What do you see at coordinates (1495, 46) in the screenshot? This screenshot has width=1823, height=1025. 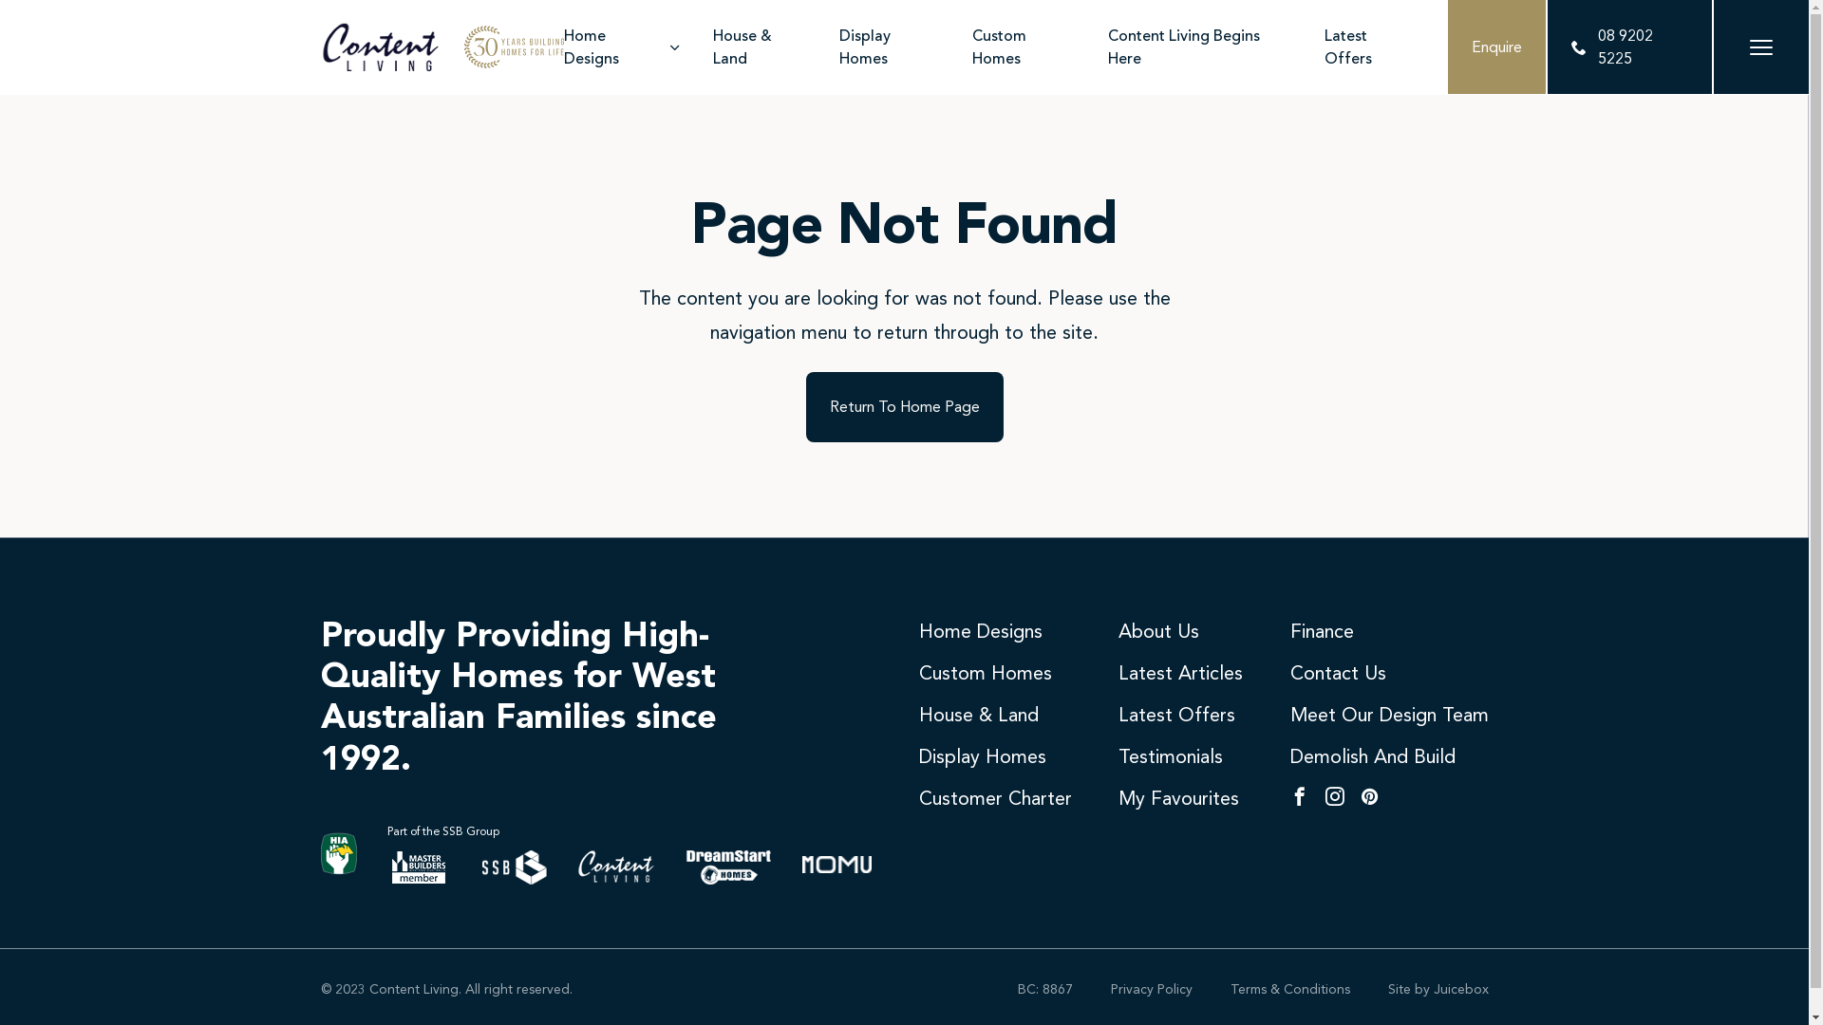 I see `'Enquire'` at bounding box center [1495, 46].